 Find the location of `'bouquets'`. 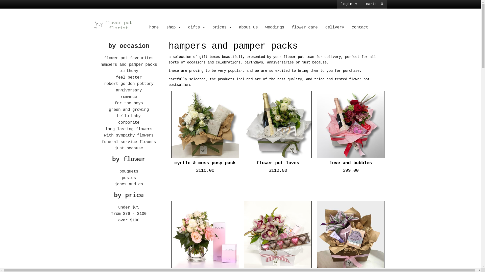

'bouquets' is located at coordinates (129, 171).